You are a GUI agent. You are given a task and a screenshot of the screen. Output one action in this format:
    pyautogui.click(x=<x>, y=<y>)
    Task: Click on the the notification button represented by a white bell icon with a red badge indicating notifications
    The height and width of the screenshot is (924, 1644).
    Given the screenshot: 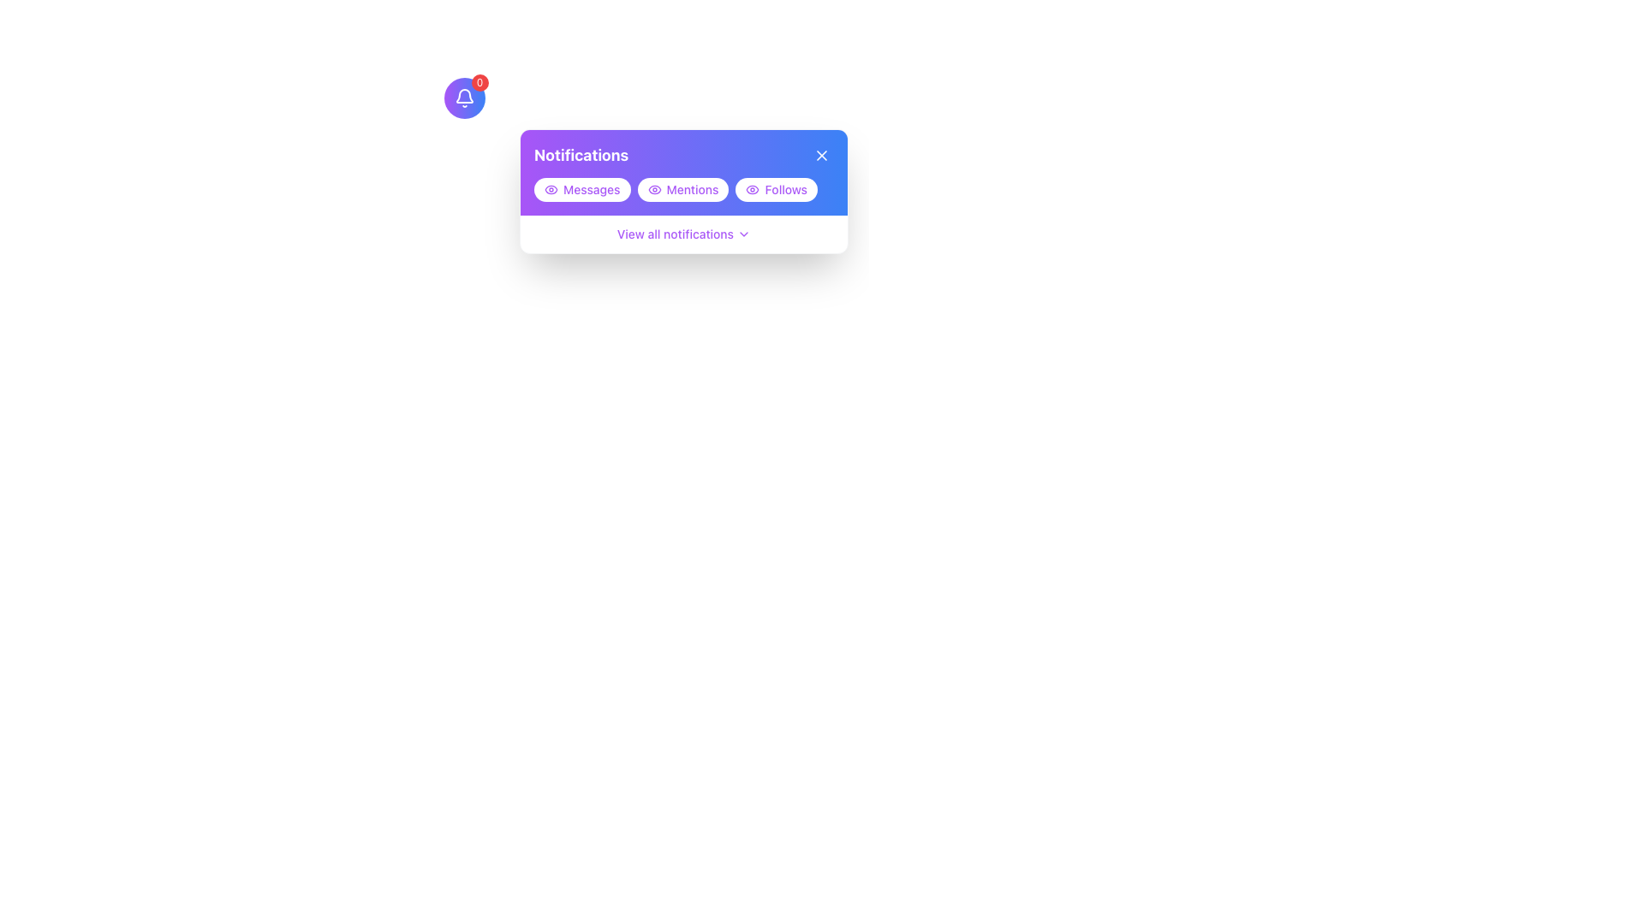 What is the action you would take?
    pyautogui.click(x=464, y=98)
    